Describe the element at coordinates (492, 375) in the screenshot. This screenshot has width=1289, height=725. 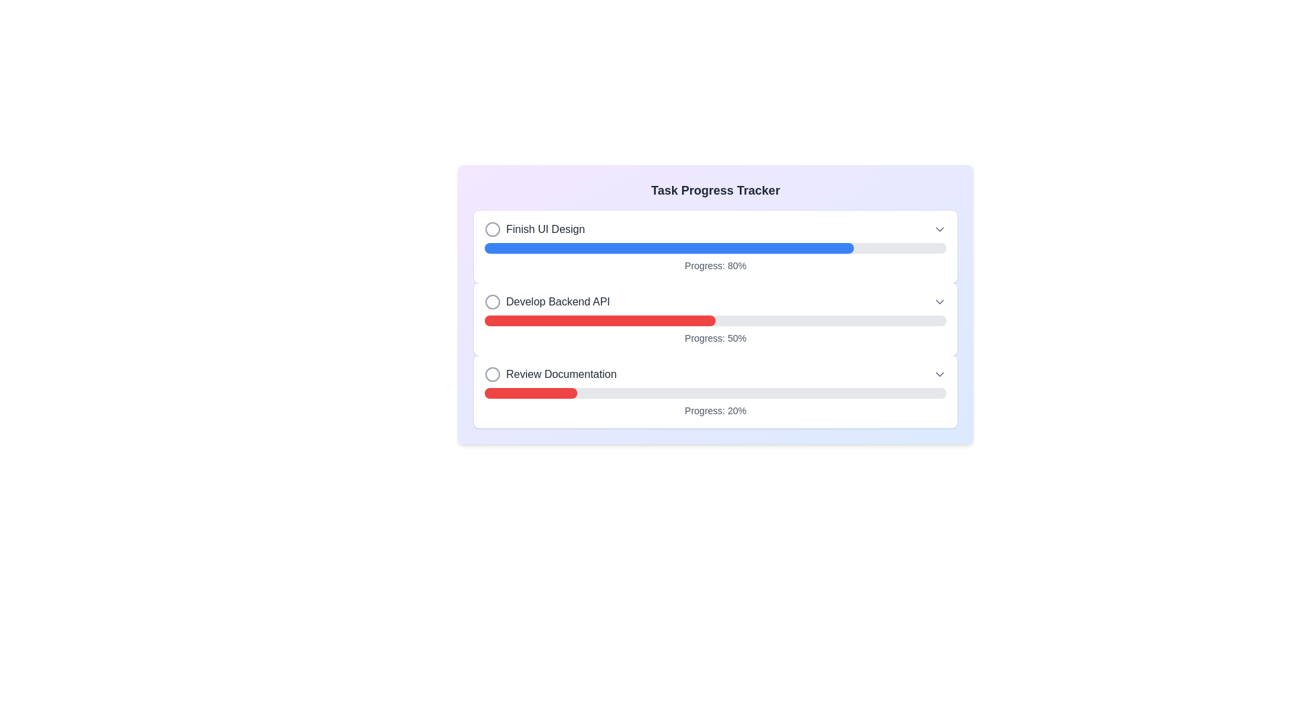
I see `the central Circle SVG element that enhances the circular icon for the 'Review Documentation' task in the task list` at that location.